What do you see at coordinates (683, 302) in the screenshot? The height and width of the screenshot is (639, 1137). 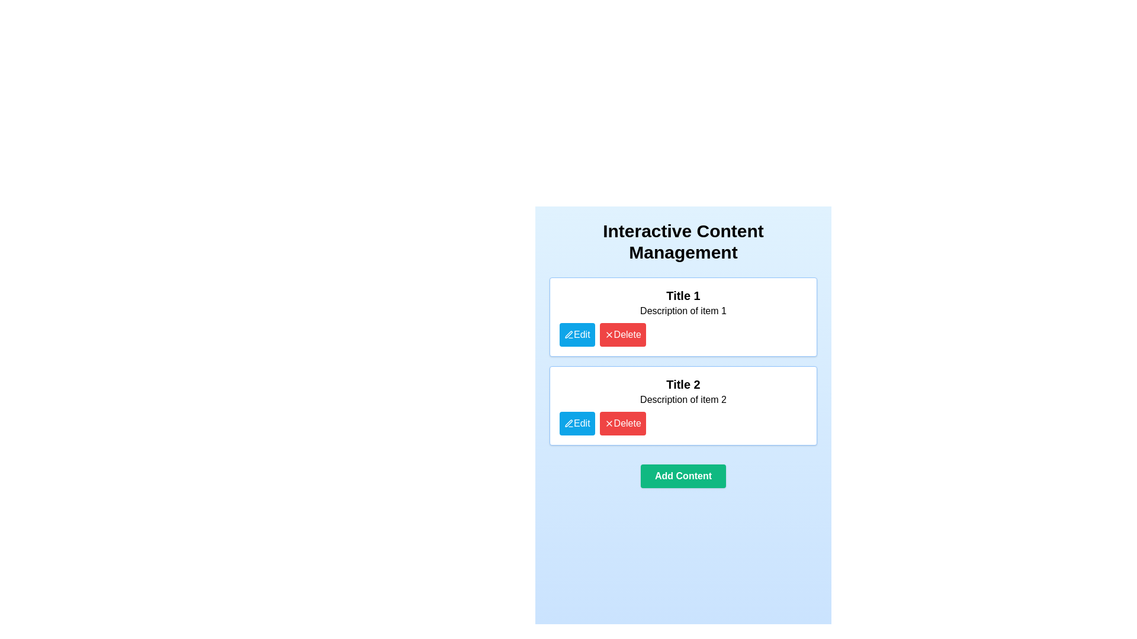 I see `the text content display element located in the first card of a stacked list, which shows the title and description of an item` at bounding box center [683, 302].